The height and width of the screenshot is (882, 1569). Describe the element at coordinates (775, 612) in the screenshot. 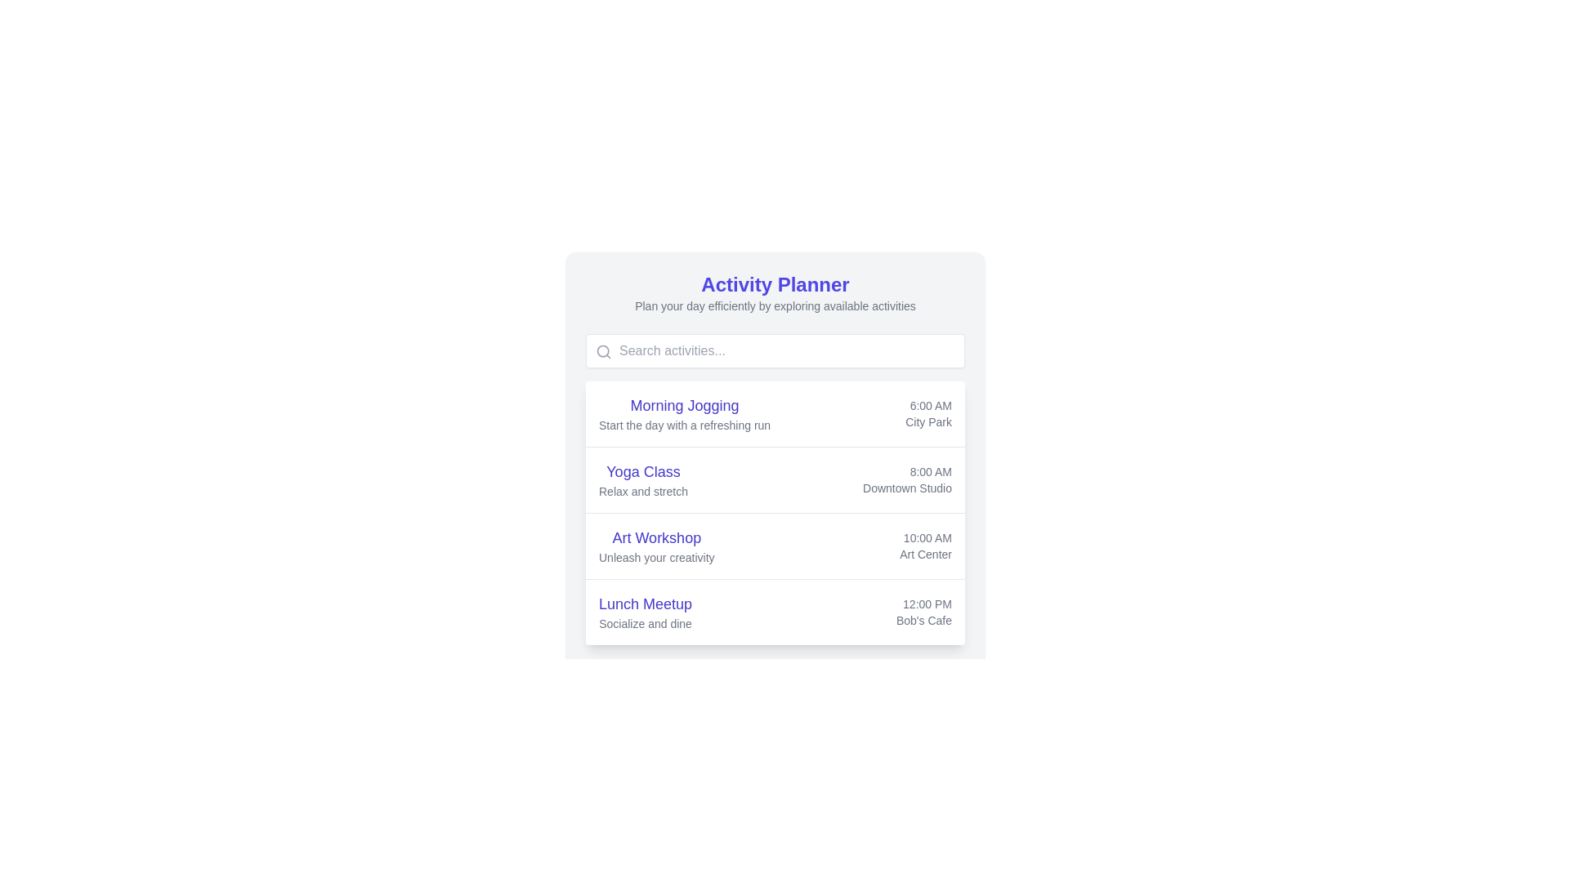

I see `the Informational display card titled 'Lunch Meetup' which is the fourth entry in a vertically stacked list with distinctive content` at that location.